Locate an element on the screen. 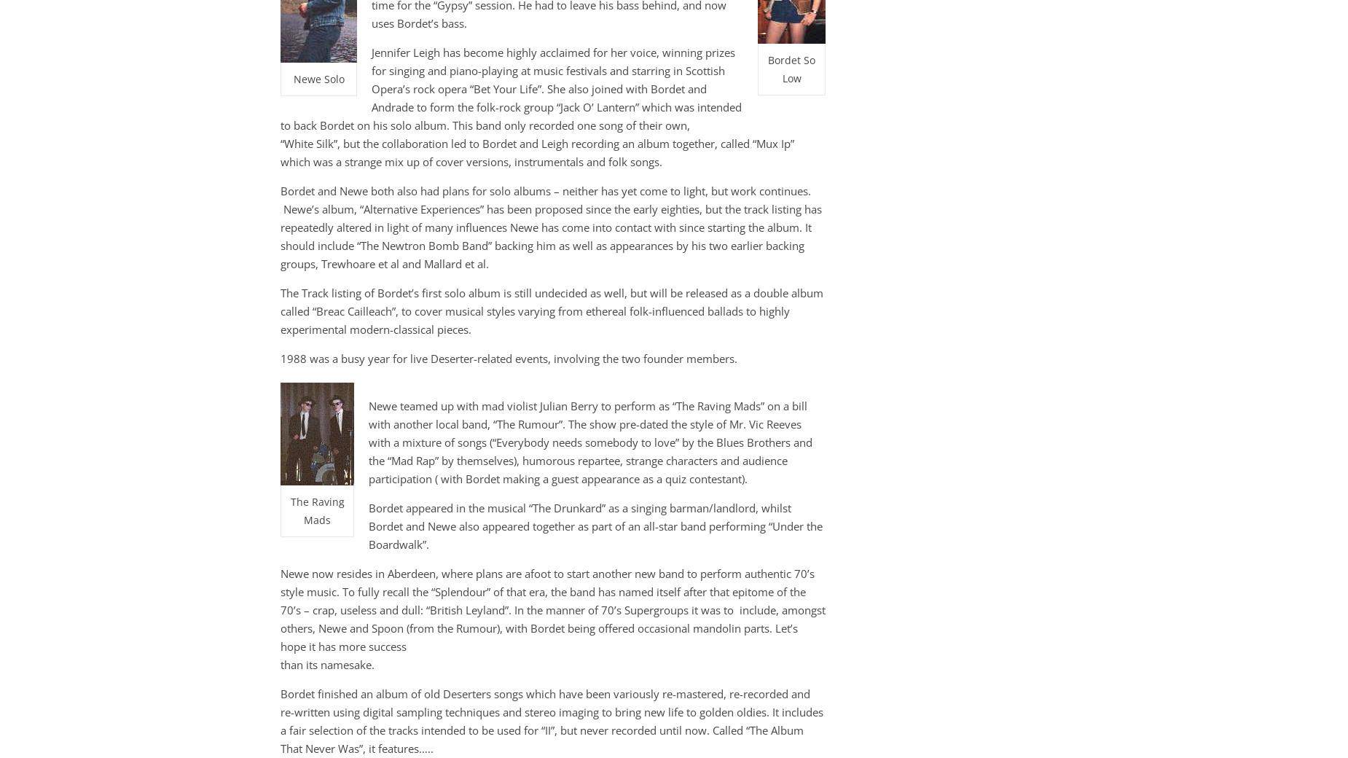 This screenshot has width=1348, height=758. 'Bordet So Low' is located at coordinates (791, 68).